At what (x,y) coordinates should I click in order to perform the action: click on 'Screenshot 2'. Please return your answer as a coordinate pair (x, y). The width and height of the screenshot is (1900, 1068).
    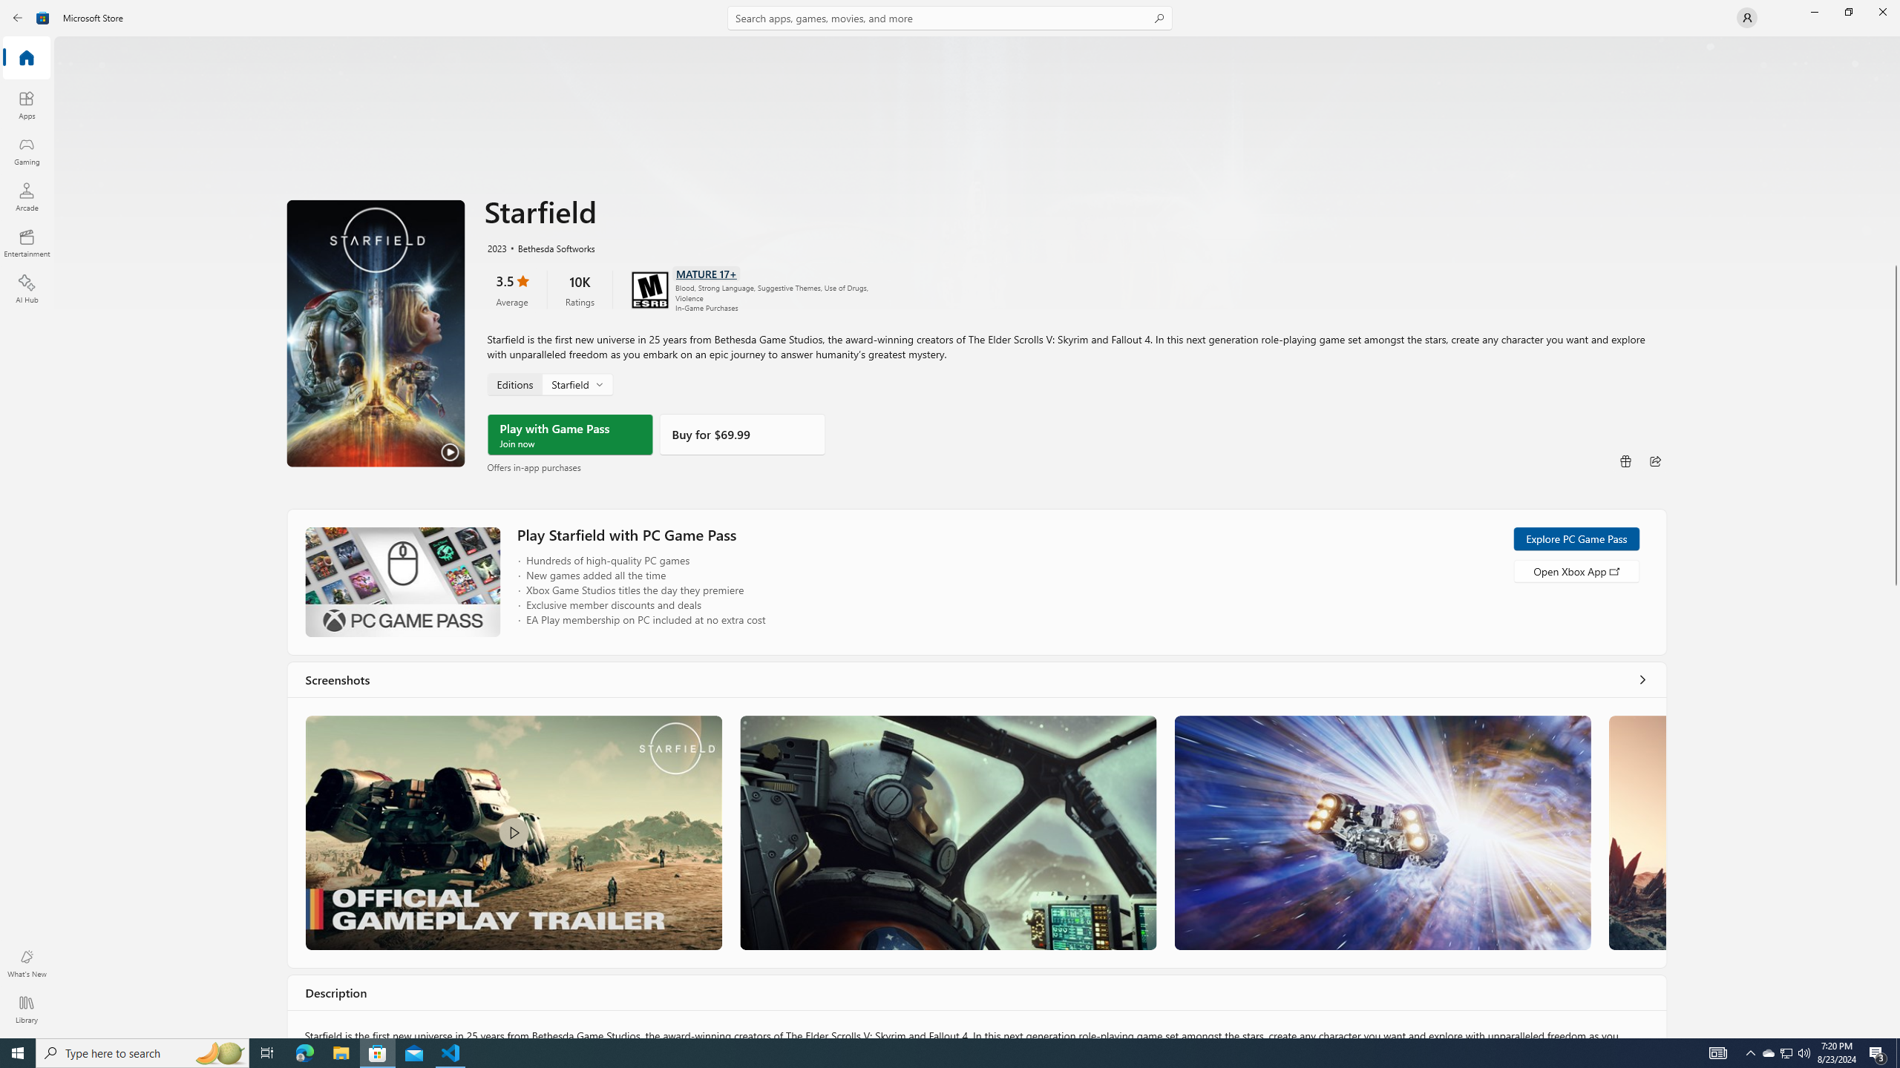
    Looking at the image, I should click on (946, 832).